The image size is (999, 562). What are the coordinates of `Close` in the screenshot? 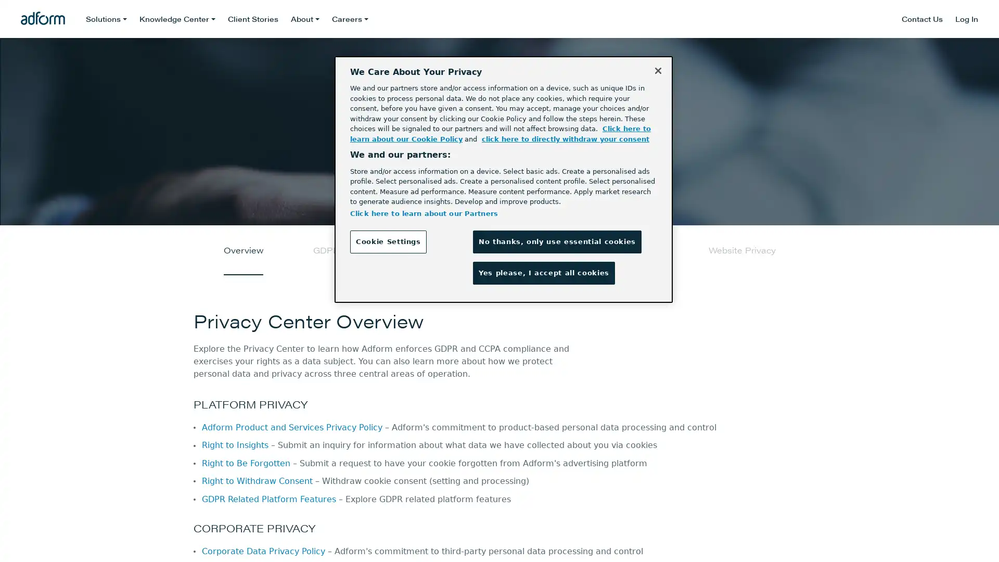 It's located at (658, 70).